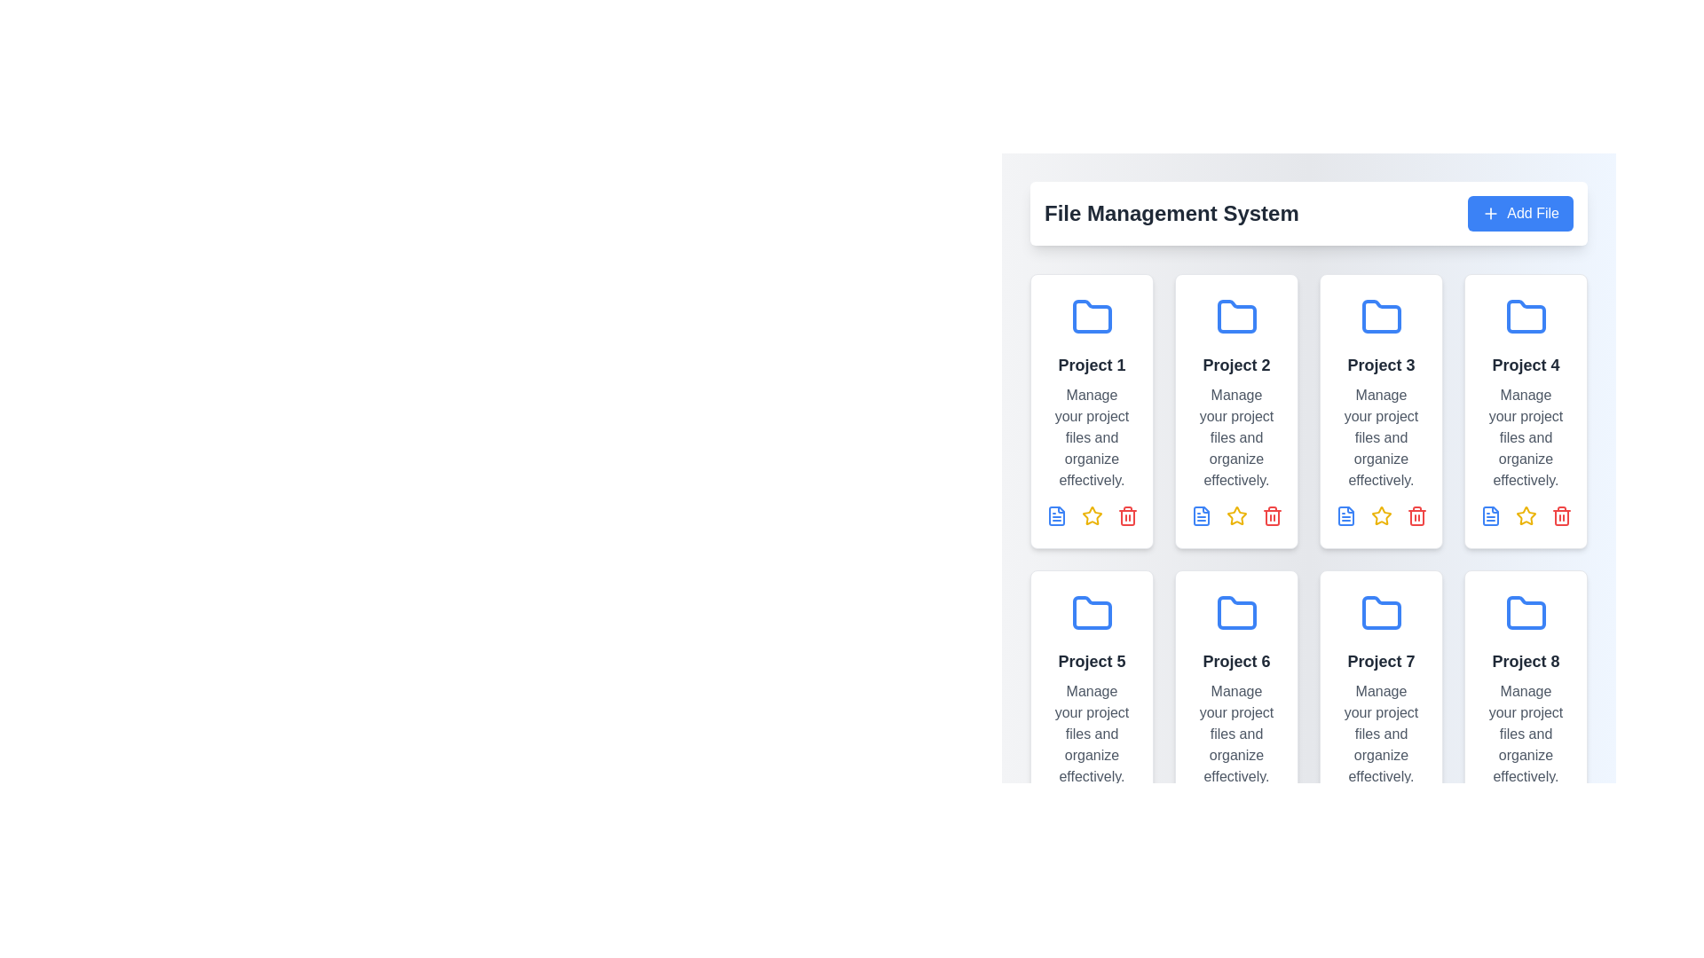 The height and width of the screenshot is (958, 1704). What do you see at coordinates (1380, 317) in the screenshot?
I see `the 'Project 3' folder icon located at the upper part of its card, above the title` at bounding box center [1380, 317].